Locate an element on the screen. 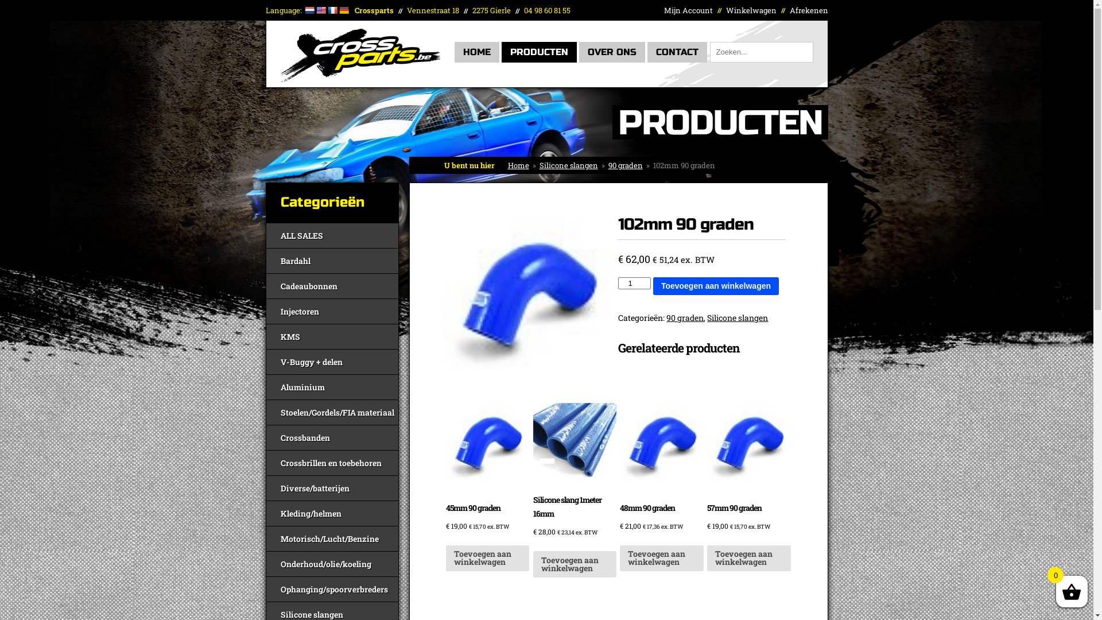 The width and height of the screenshot is (1102, 620). 'Mijn Account' is located at coordinates (688, 10).